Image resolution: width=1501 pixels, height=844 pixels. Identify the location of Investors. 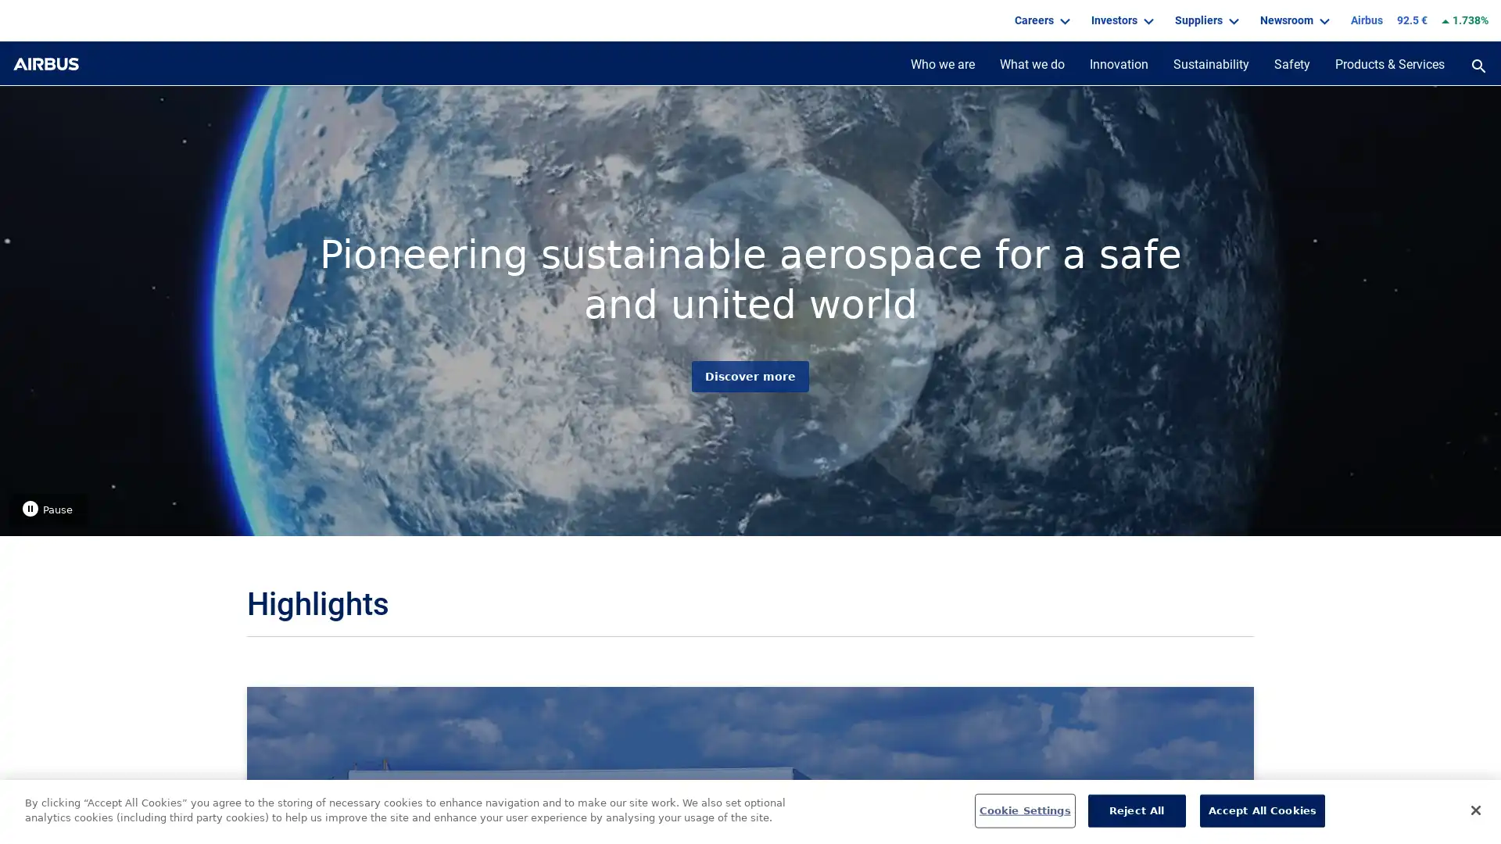
(1119, 20).